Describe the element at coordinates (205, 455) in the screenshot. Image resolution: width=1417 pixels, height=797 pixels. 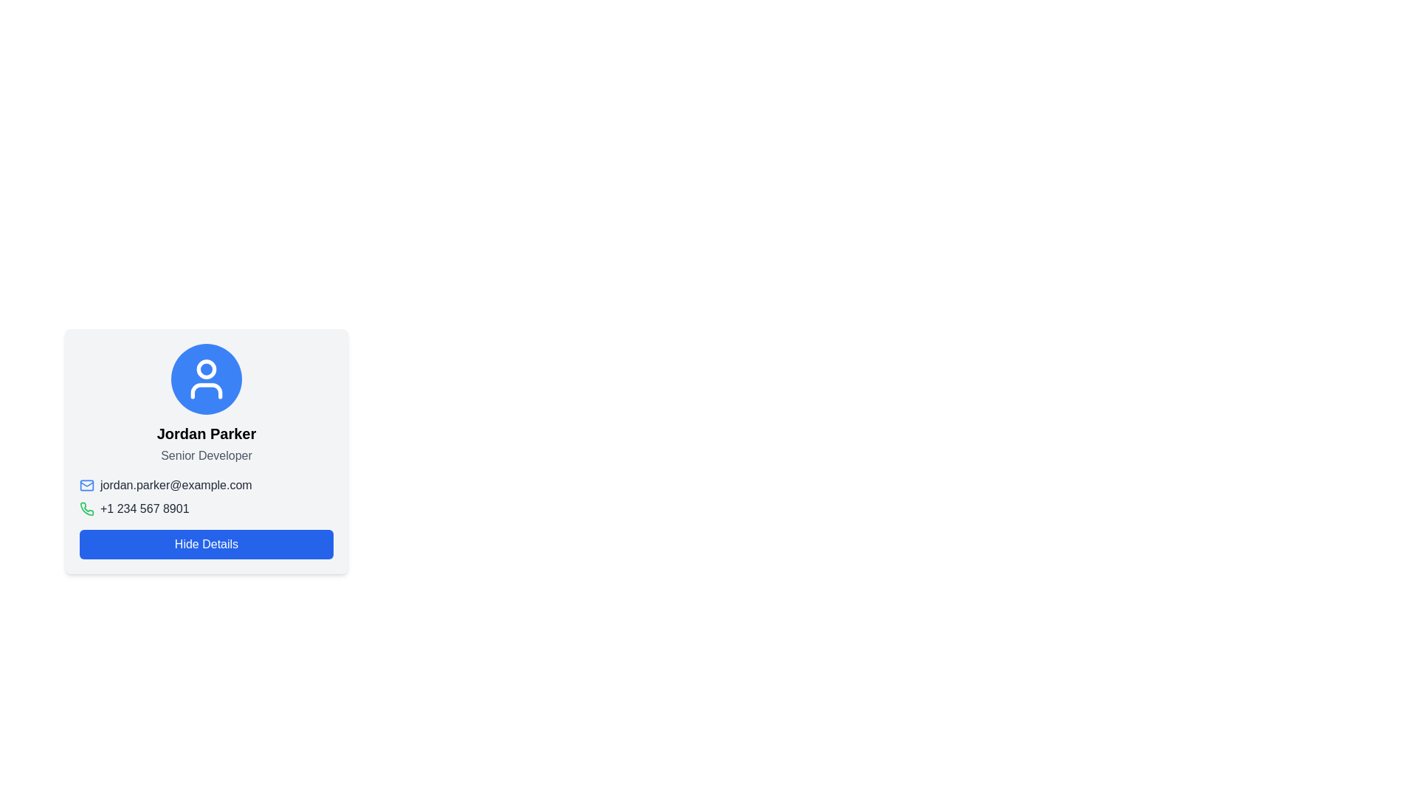
I see `the text label displaying 'Senior Developer', which is styled in a subtle gray color and located directly beneath the bold text 'Jordan Parker' within a centered layout card` at that location.